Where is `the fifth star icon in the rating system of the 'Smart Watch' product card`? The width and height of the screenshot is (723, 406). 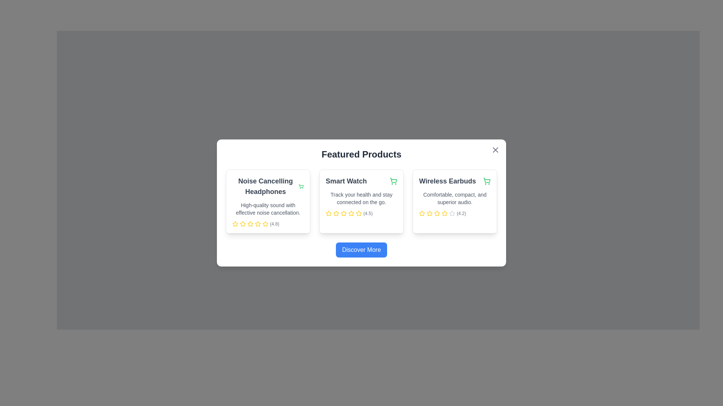
the fifth star icon in the rating system of the 'Smart Watch' product card is located at coordinates (351, 213).